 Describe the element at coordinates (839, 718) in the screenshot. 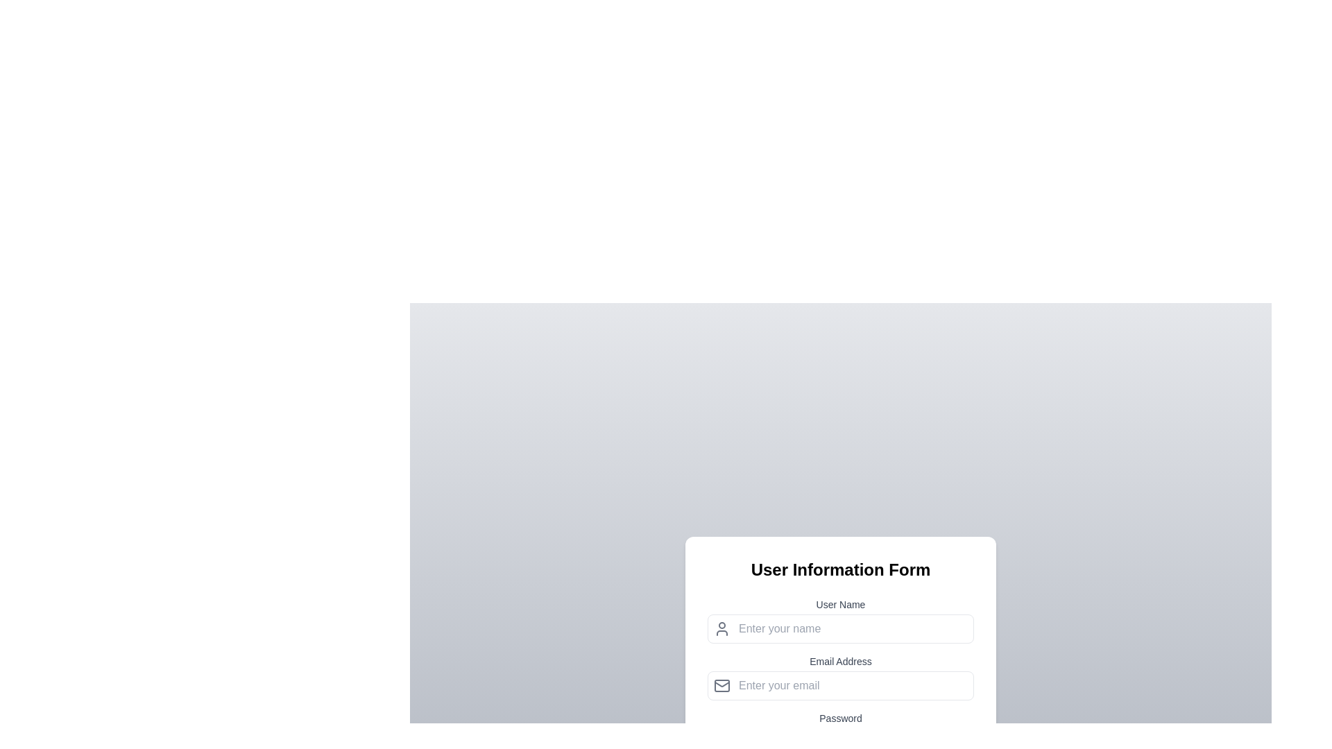

I see `the 'Password' label element, which is styled in gray and positioned above the password input field` at that location.